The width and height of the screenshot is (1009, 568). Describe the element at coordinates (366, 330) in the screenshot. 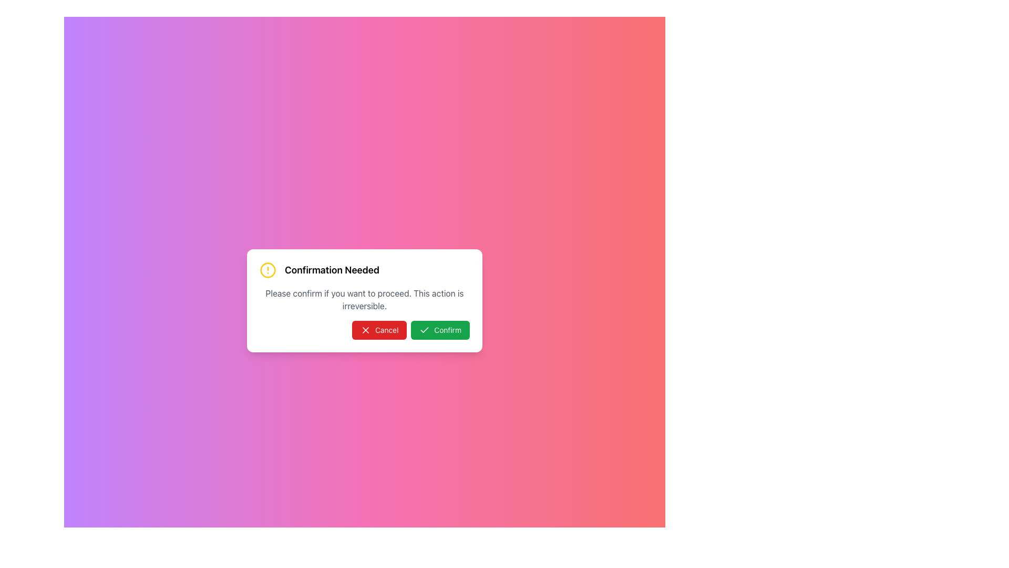

I see `the red 'Cancel' button containing the 'X' icon on the confirmation dialog interface` at that location.